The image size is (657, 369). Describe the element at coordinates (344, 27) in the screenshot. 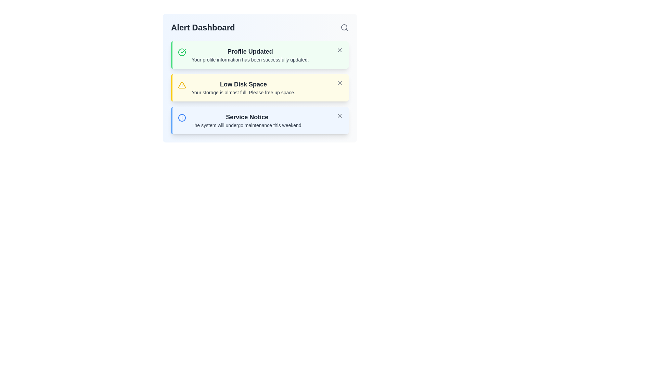

I see `the SVG Circle representing the lens of the search icon located at the upper-right corner of the user interface, adjacent to the 'Alert Dashboard' title area` at that location.